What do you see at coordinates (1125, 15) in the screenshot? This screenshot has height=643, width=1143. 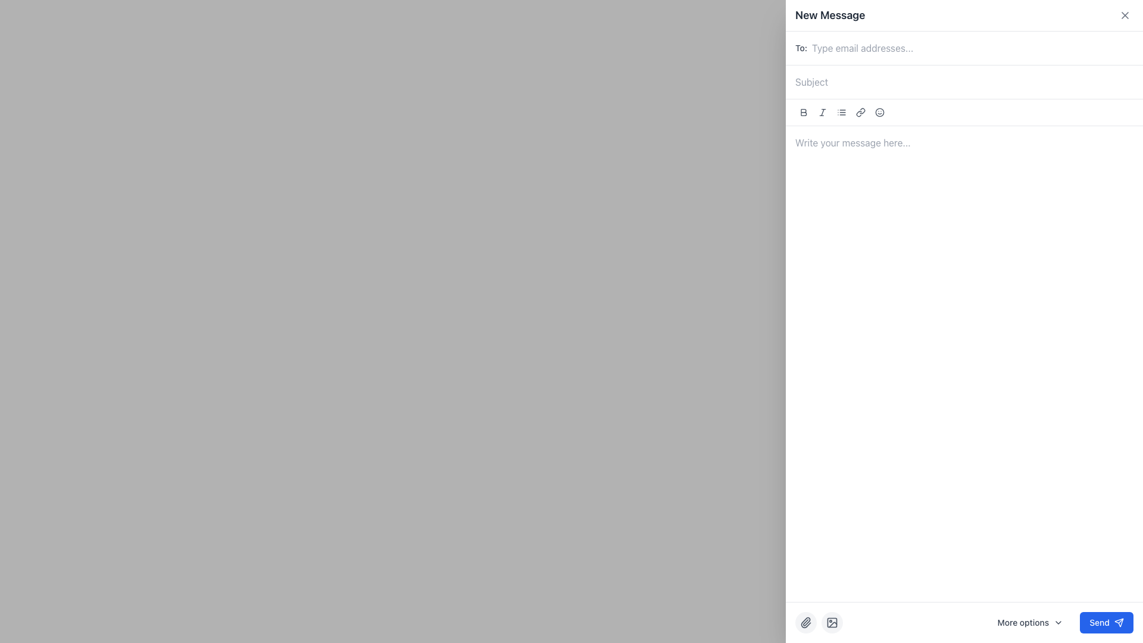 I see `the gray 'X' icon button located at the top-right corner of the email composer` at bounding box center [1125, 15].